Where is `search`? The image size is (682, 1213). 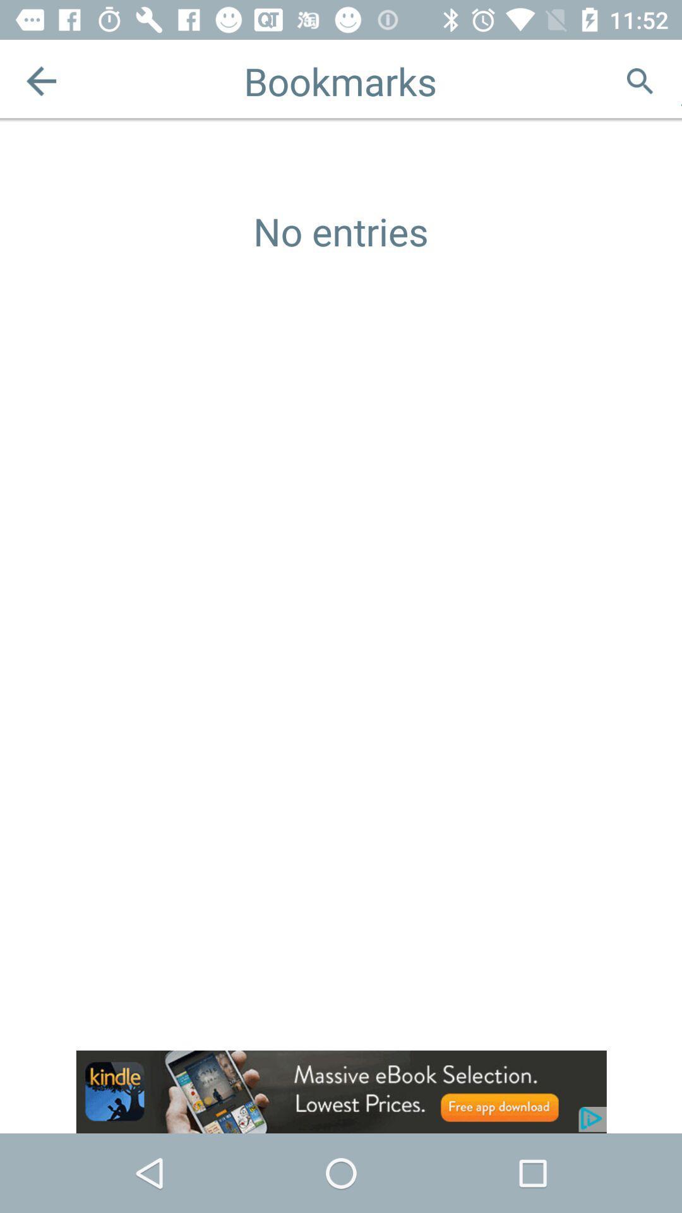 search is located at coordinates (640, 80).